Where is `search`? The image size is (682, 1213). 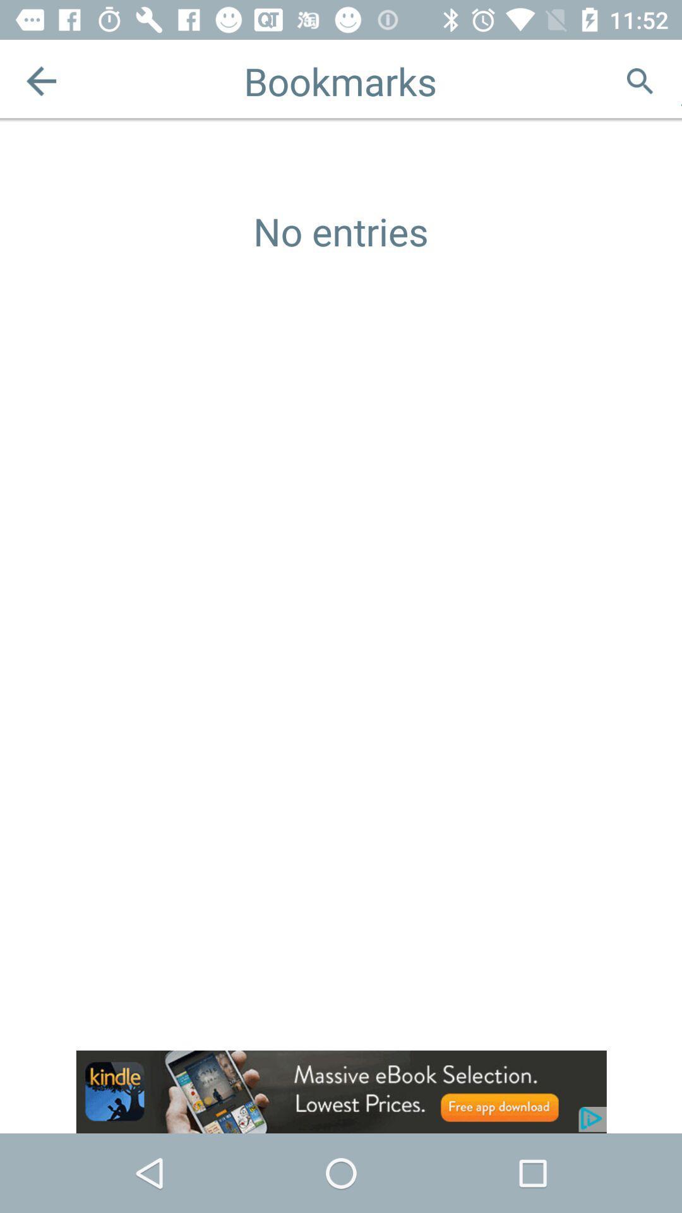 search is located at coordinates (640, 80).